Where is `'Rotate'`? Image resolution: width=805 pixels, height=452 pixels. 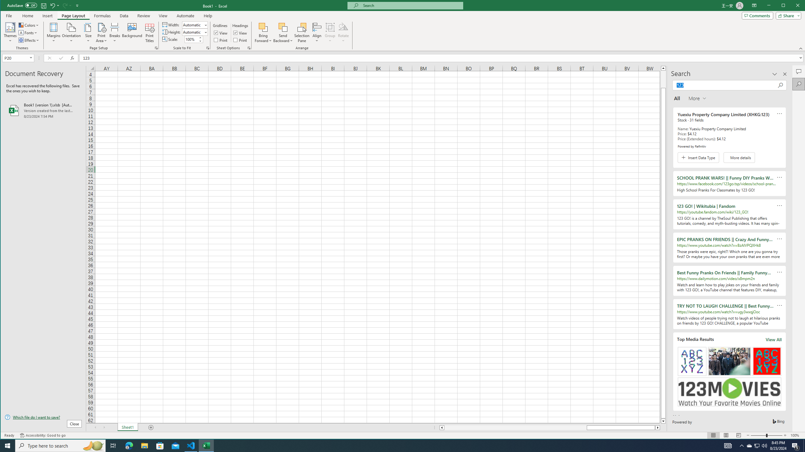
'Rotate' is located at coordinates (343, 32).